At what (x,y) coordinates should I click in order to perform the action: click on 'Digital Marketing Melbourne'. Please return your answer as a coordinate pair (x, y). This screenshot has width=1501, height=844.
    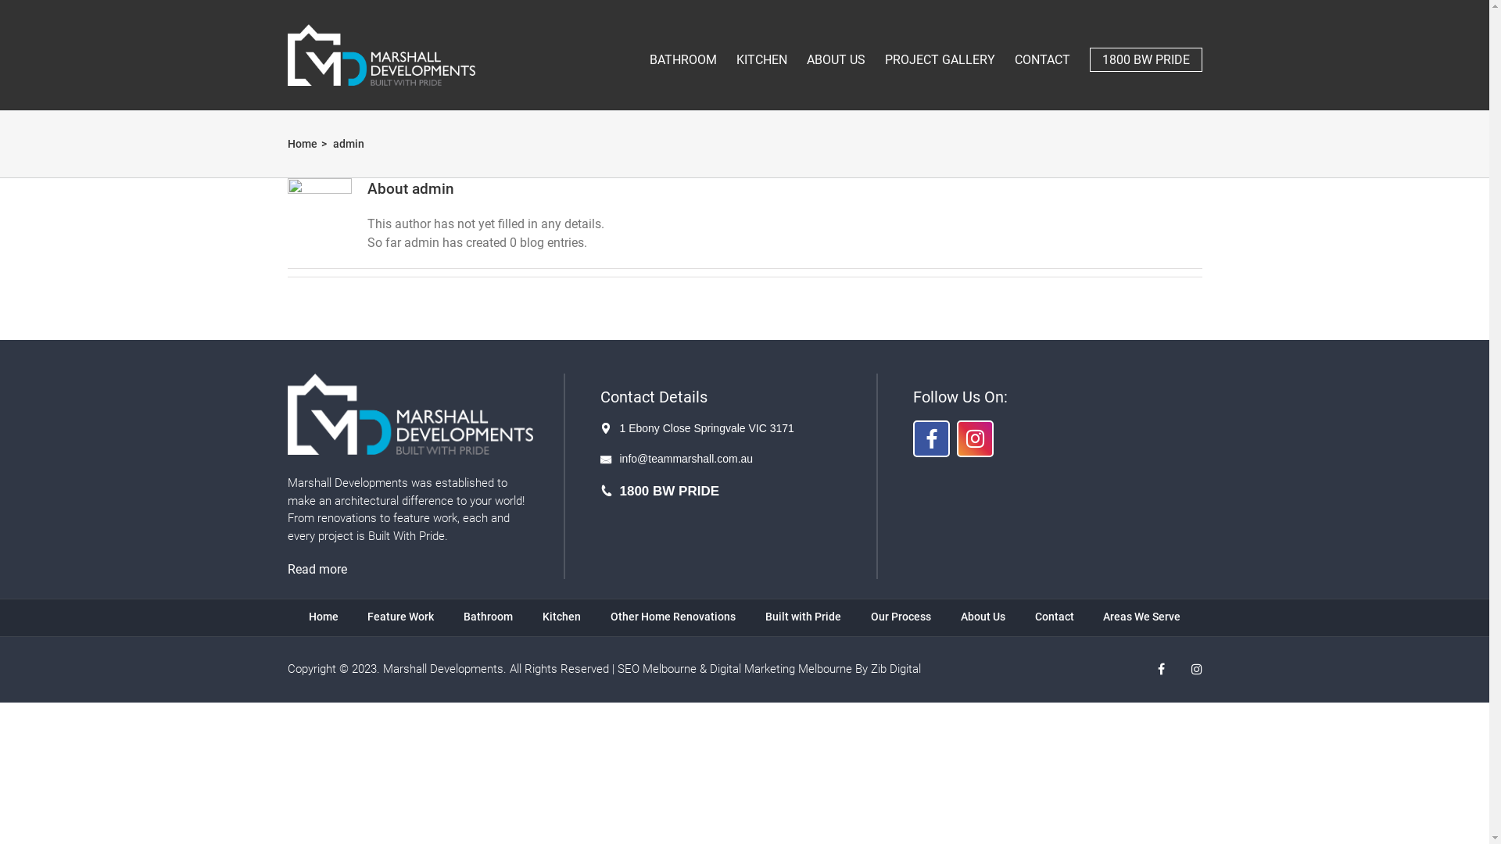
    Looking at the image, I should click on (780, 668).